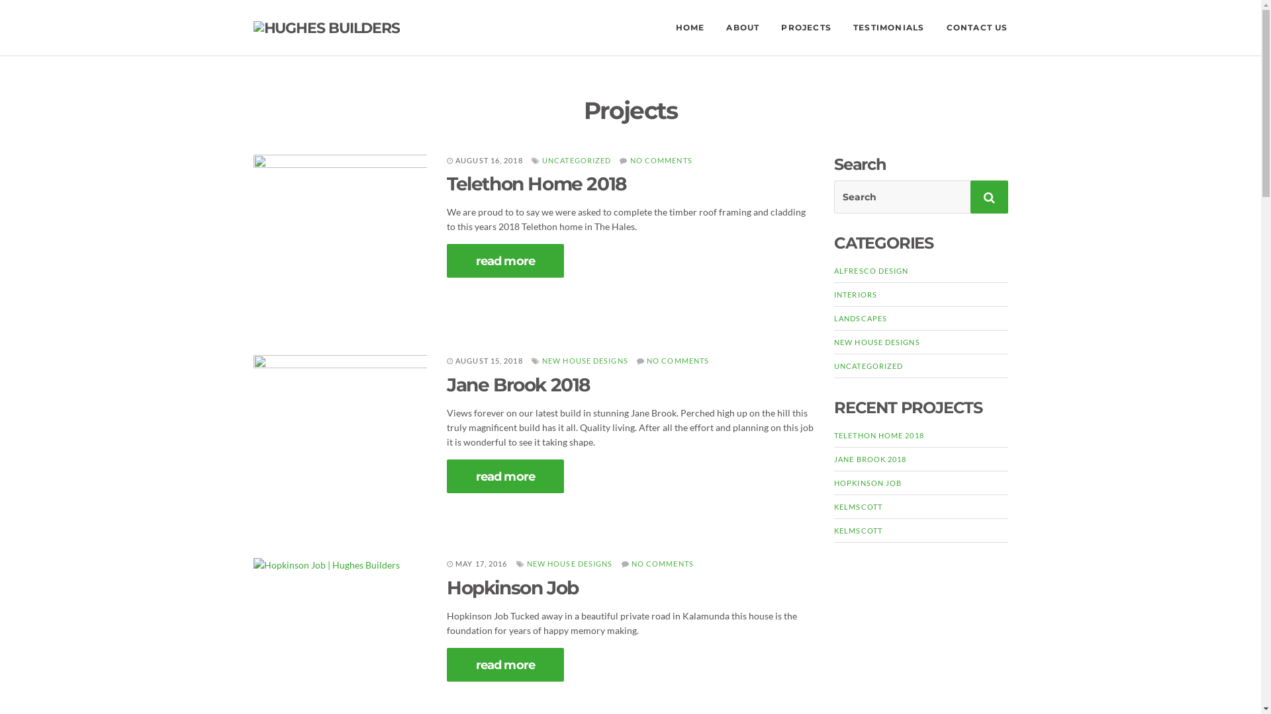  Describe the element at coordinates (576, 159) in the screenshot. I see `'UNCATEGORIZED'` at that location.